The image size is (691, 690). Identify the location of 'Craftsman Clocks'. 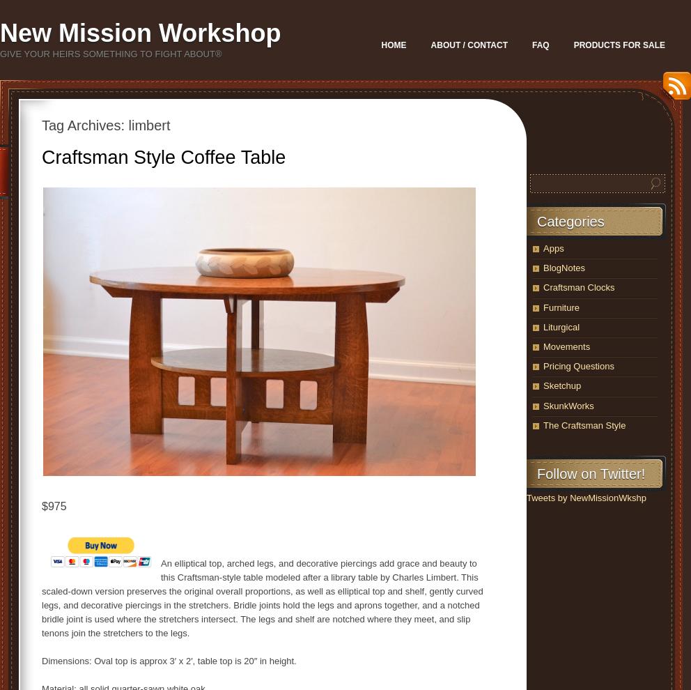
(543, 286).